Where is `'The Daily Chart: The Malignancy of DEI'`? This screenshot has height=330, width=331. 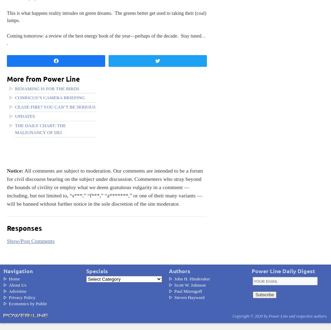
'The Daily Chart: The Malignancy of DEI' is located at coordinates (40, 128).